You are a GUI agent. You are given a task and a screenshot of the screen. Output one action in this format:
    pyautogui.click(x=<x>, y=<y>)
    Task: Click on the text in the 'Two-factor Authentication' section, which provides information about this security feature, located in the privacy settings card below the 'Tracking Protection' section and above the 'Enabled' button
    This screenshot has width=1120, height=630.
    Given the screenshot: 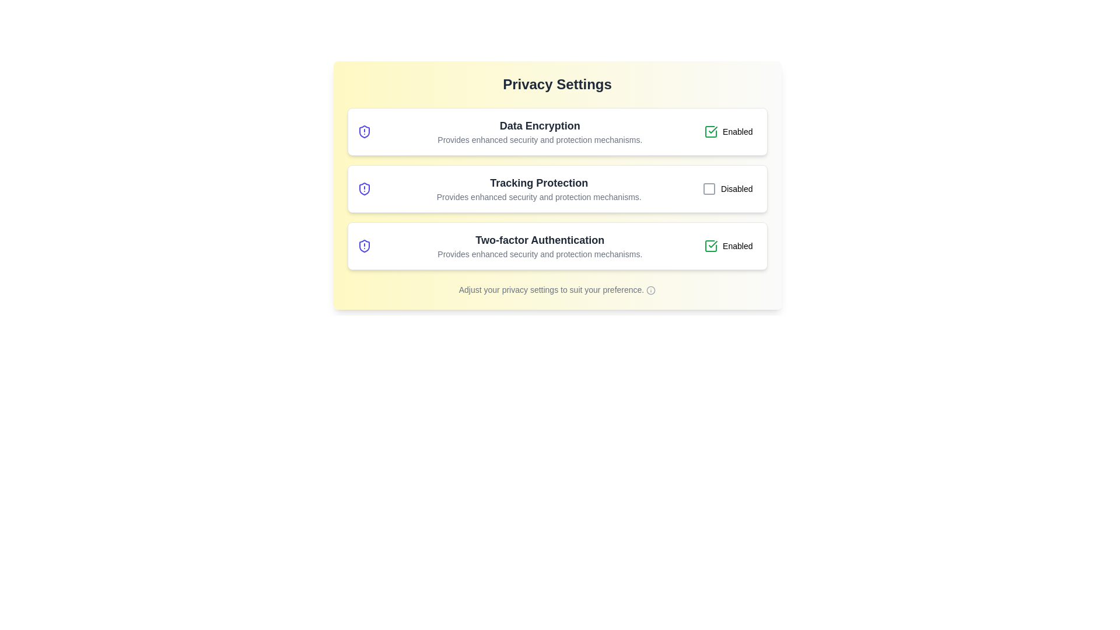 What is the action you would take?
    pyautogui.click(x=539, y=245)
    